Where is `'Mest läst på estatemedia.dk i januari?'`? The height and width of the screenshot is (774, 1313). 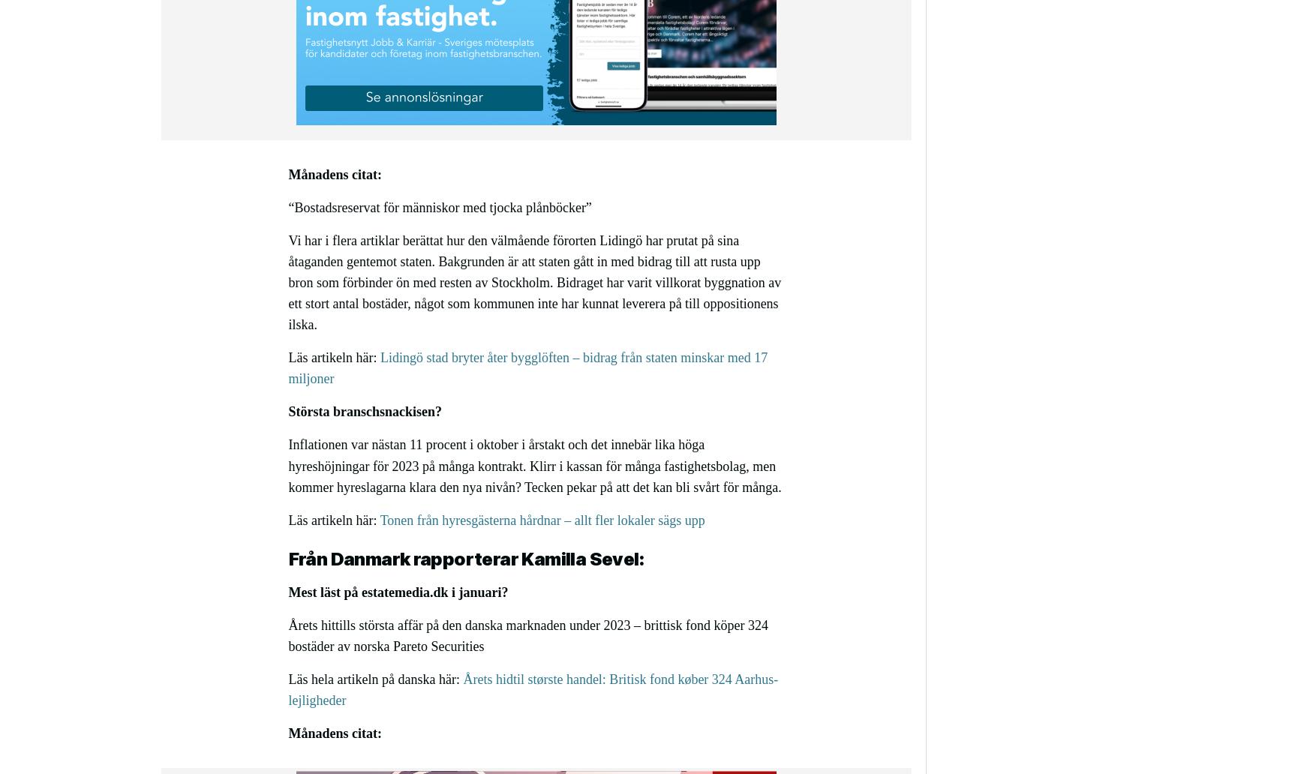
'Mest läst på estatemedia.dk i januari?' is located at coordinates (397, 591).